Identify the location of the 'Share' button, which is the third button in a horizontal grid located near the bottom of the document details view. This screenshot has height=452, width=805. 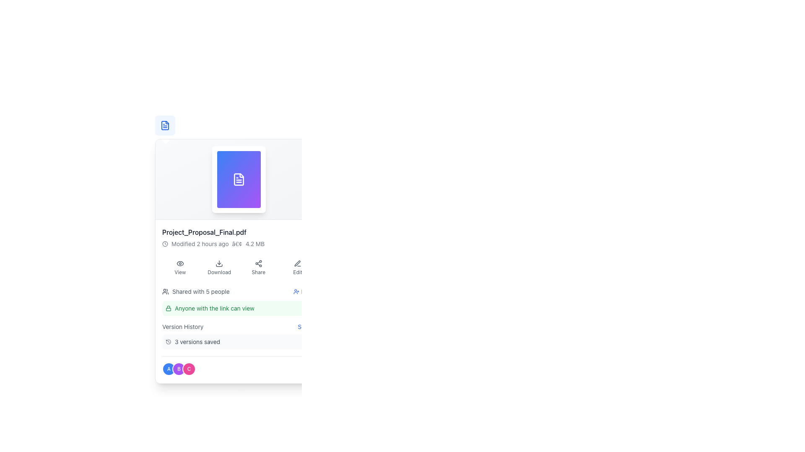
(258, 268).